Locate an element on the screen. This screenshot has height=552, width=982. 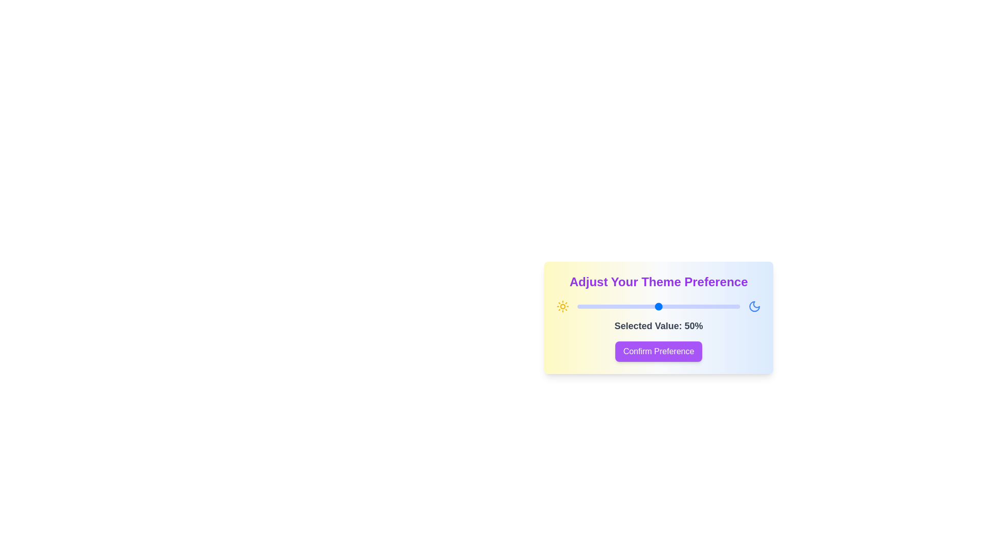
the theme slider is located at coordinates (707, 306).